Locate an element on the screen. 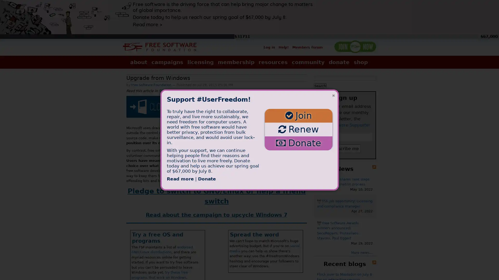 The image size is (499, 280). Subscribe me is located at coordinates (345, 148).